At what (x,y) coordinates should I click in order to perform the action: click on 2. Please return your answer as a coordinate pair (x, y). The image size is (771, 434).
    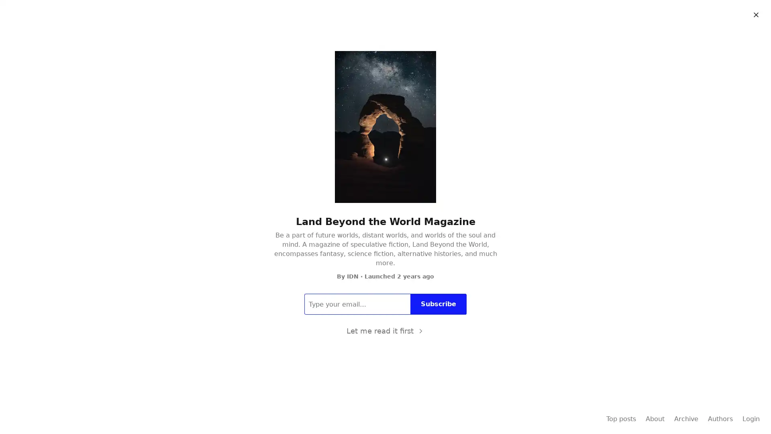
    Looking at the image, I should click on (280, 177).